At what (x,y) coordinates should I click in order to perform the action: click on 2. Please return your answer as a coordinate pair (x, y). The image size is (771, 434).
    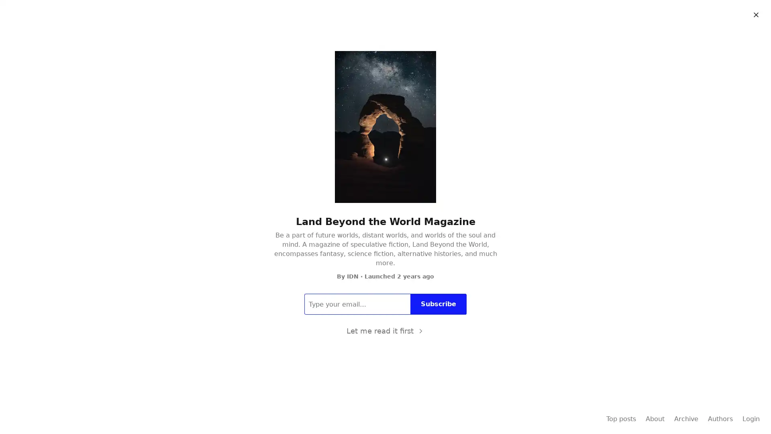
    Looking at the image, I should click on (280, 177).